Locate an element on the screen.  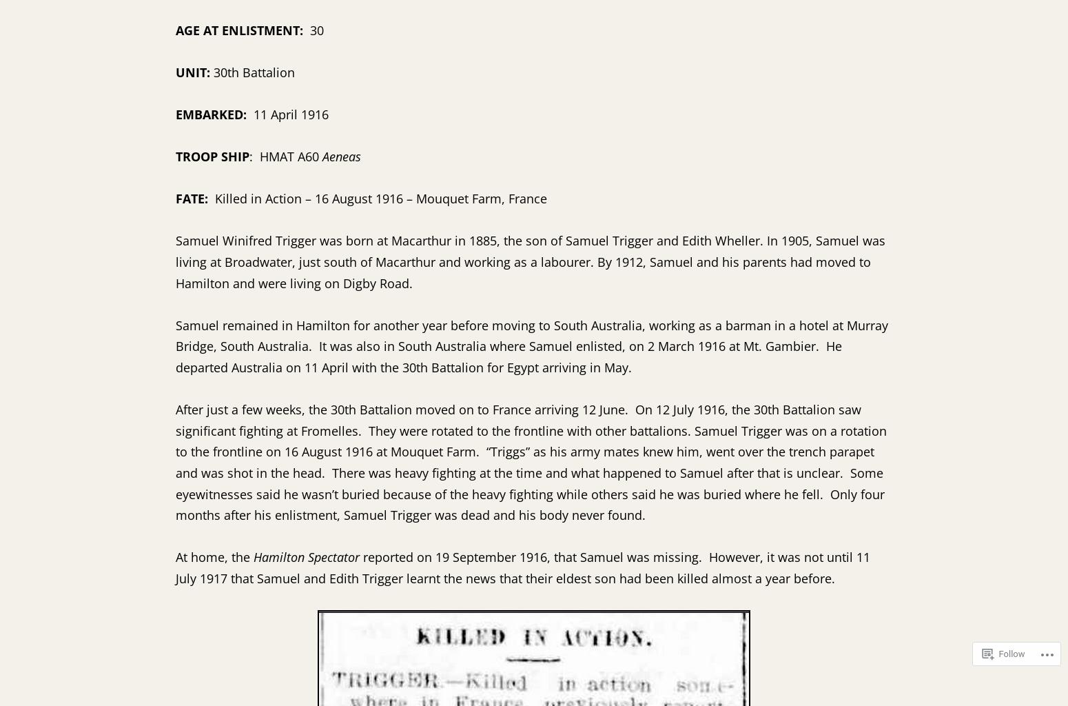
'reported on 19 September 1916, that Samuel was missing.  However, it was not until 11 July 1917 that Samuel and Edith Trigger learnt the news that their eldest son had been killed almost a year before.' is located at coordinates (523, 566).